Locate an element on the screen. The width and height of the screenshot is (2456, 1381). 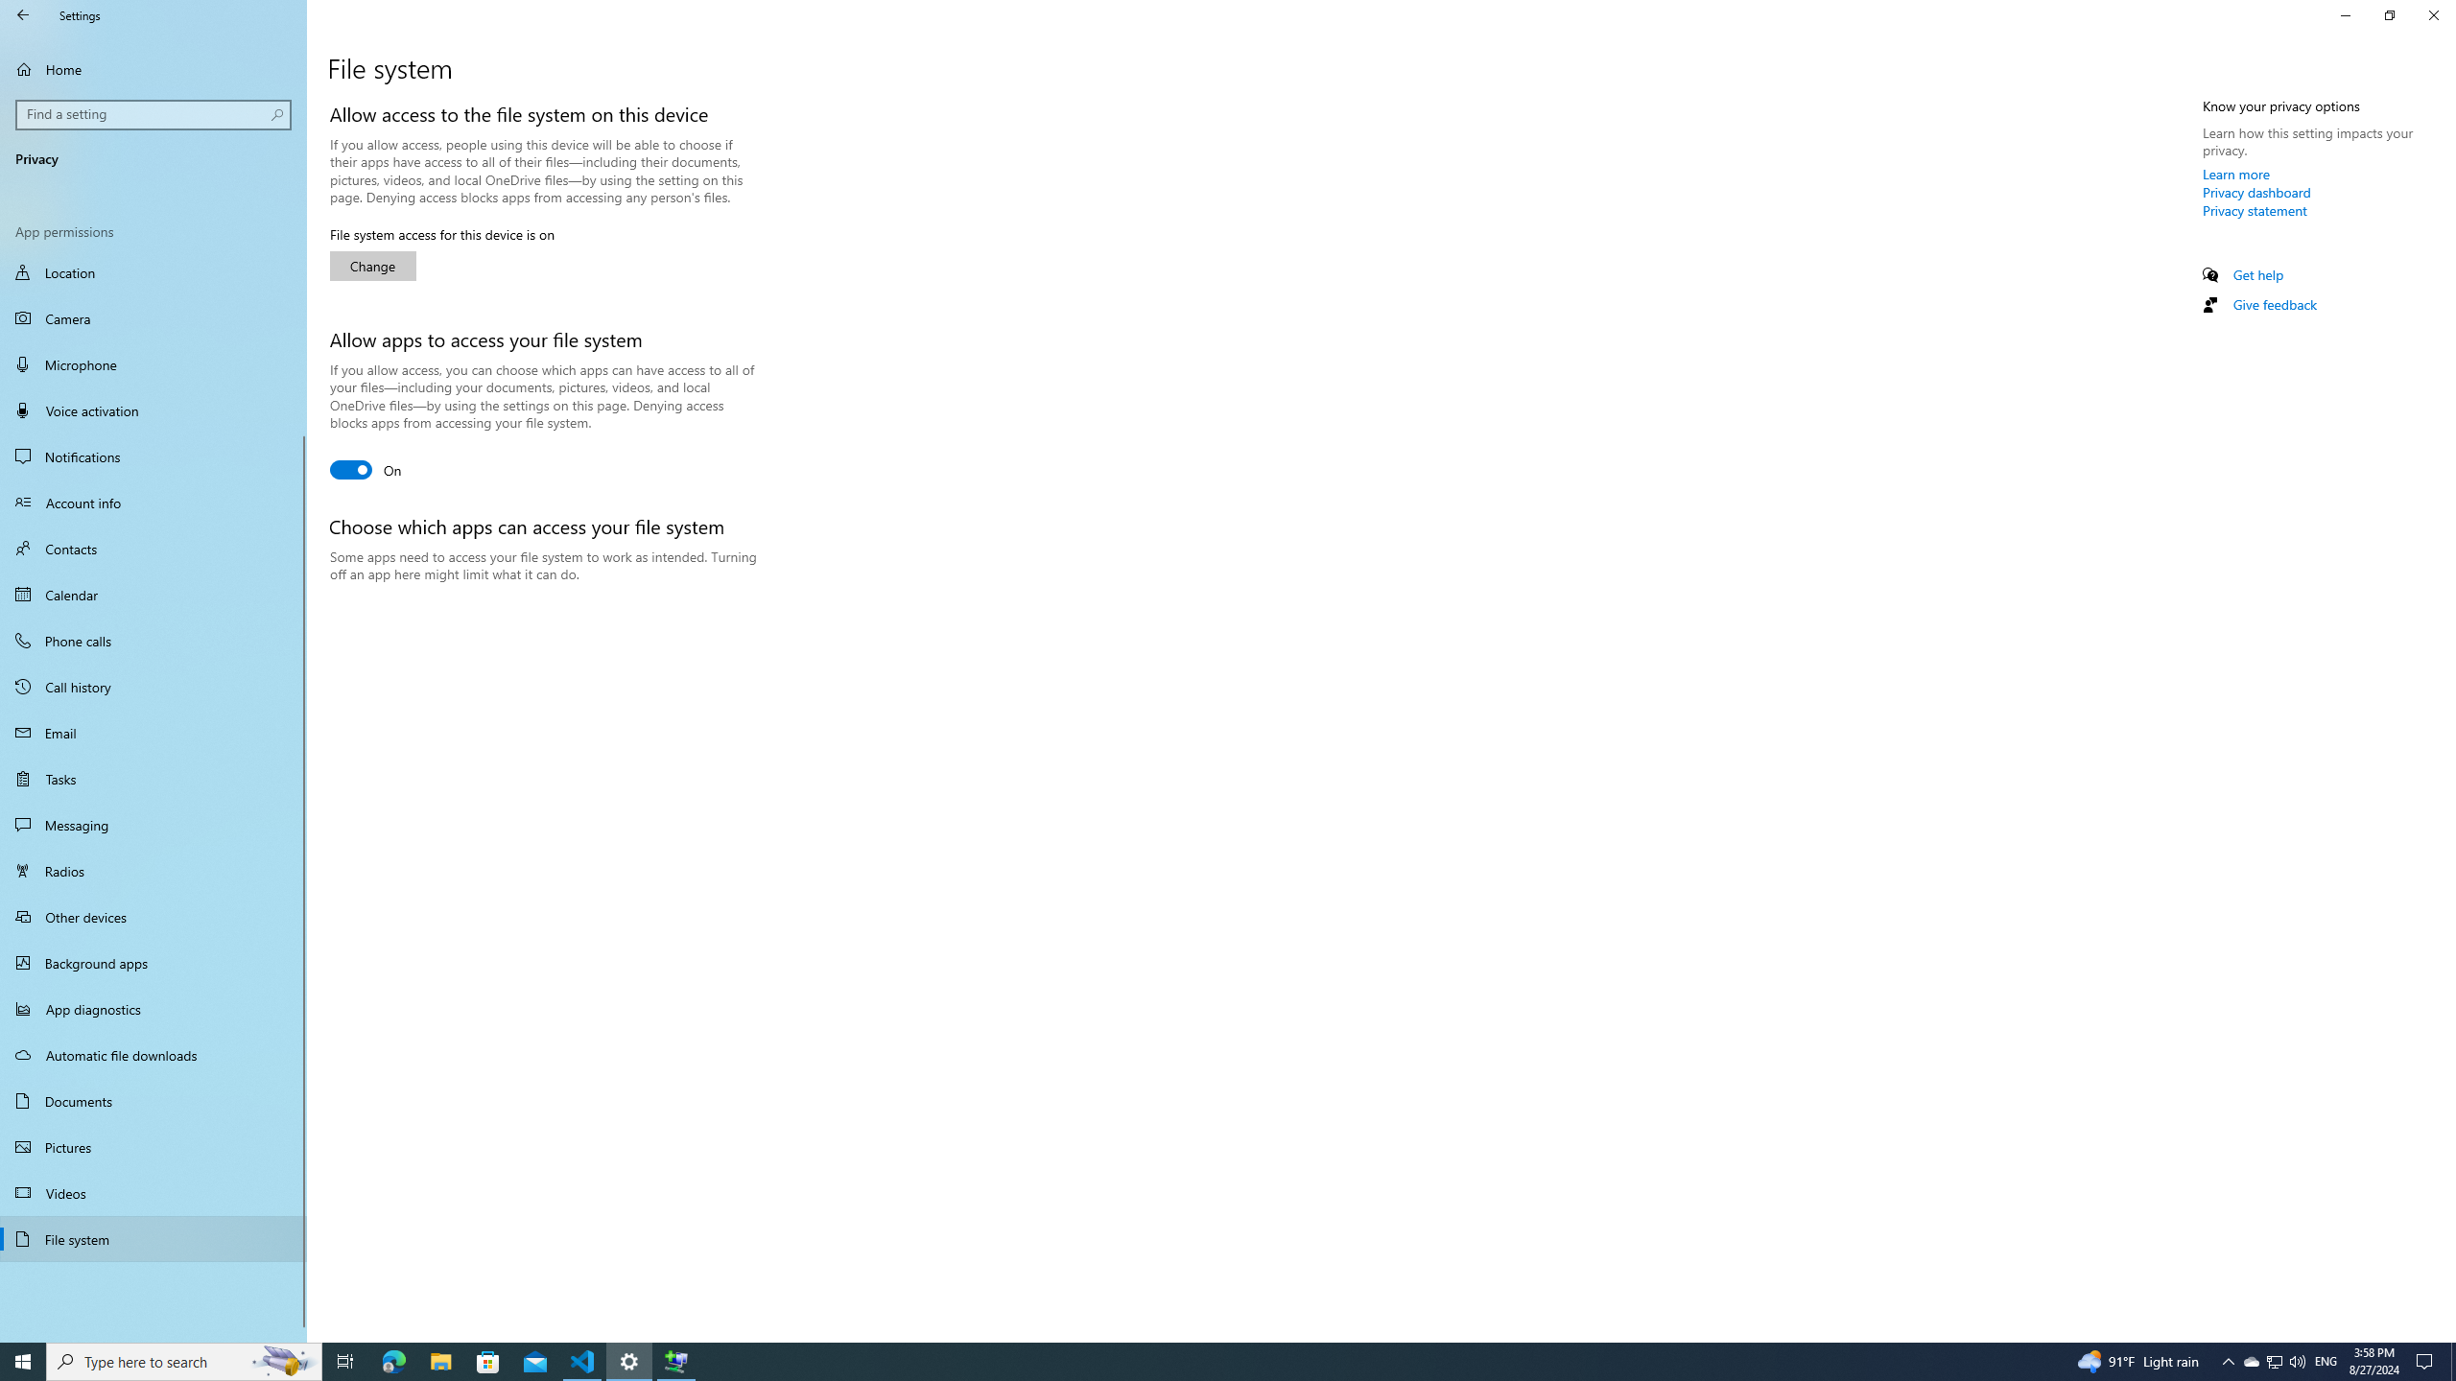
'Radios' is located at coordinates (153, 870).